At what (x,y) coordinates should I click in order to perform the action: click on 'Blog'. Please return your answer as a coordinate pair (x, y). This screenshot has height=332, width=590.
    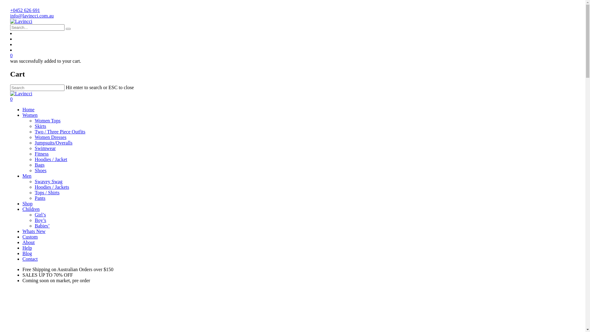
    Looking at the image, I should click on (27, 253).